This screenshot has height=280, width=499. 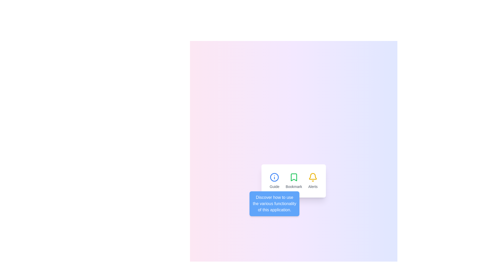 What do you see at coordinates (274, 177) in the screenshot?
I see `the interactive icon button located within the card that contains 'Guide' text, positioned centrally in the interface` at bounding box center [274, 177].